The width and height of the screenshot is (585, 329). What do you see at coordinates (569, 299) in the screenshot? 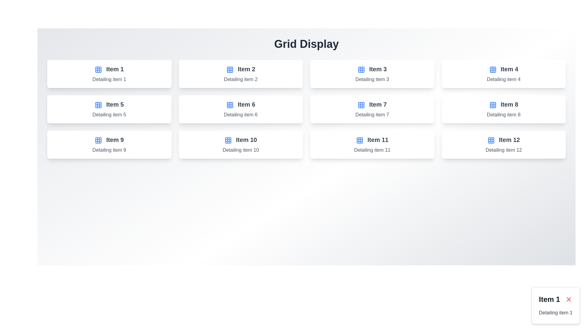
I see `the small, red-colored cross icon resembling an 'X' located in the top-right corner of the card labeled 'Item 1'` at bounding box center [569, 299].